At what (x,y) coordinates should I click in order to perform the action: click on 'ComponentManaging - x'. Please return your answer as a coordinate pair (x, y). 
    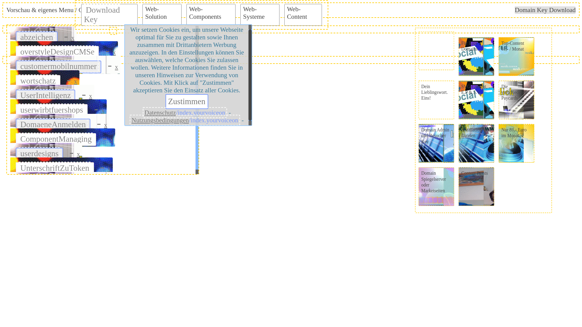
    Looking at the image, I should click on (62, 137).